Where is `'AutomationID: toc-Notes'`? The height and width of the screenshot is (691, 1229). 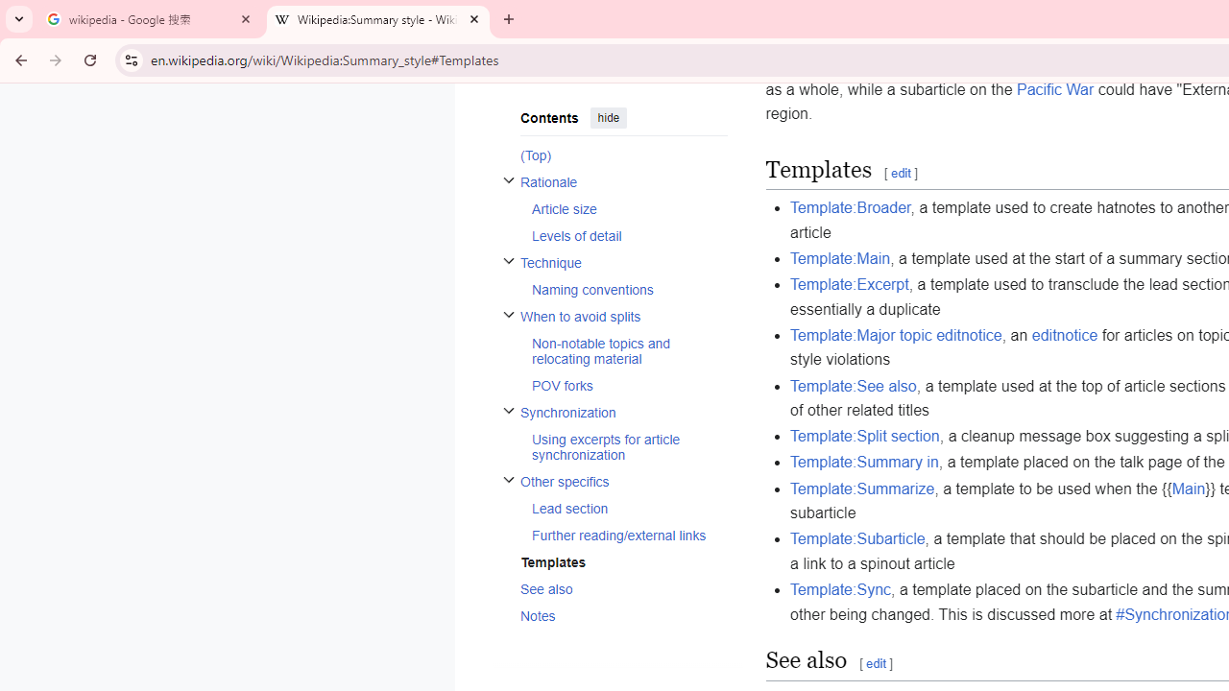
'AutomationID: toc-Notes' is located at coordinates (617, 615).